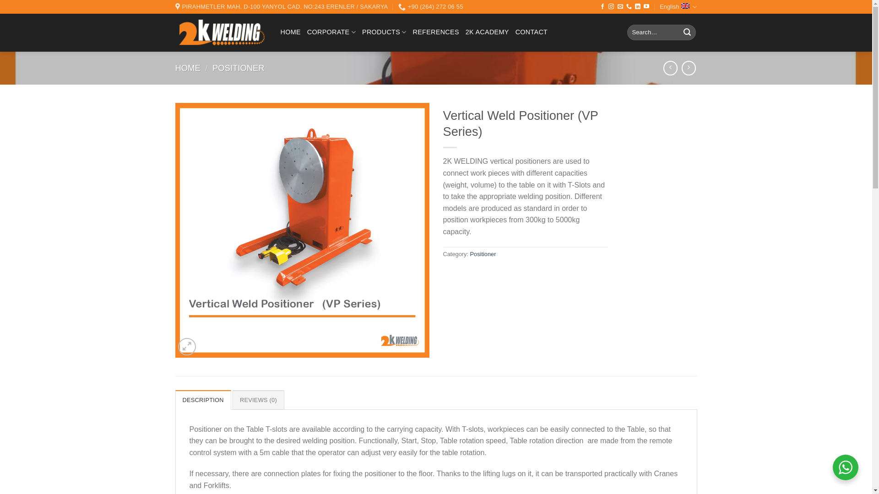 This screenshot has width=879, height=494. I want to click on 'DESCRIPTION', so click(202, 399).